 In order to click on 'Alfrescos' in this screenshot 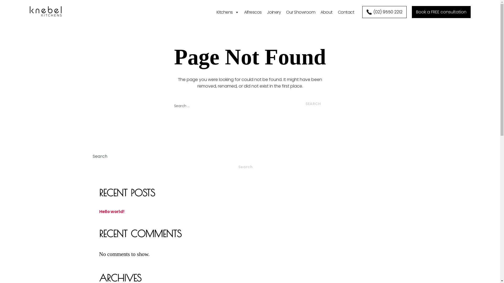, I will do `click(253, 10)`.